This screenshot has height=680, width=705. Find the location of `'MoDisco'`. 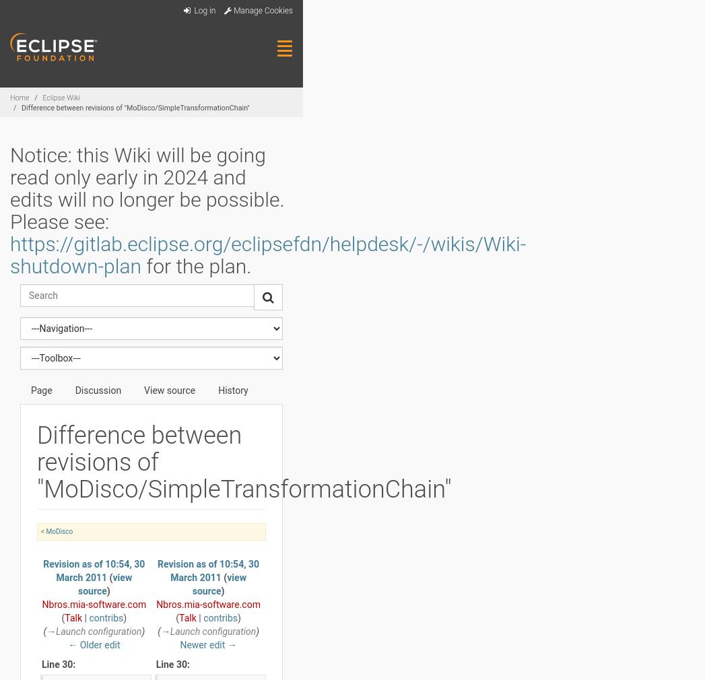

'MoDisco' is located at coordinates (59, 531).